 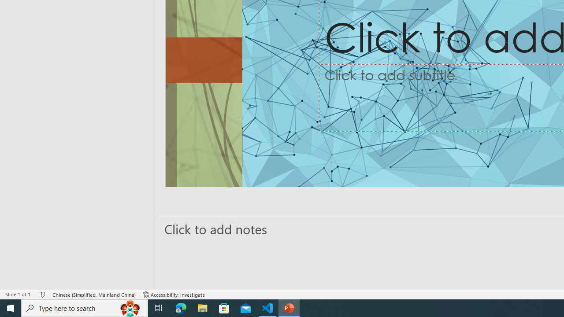 I want to click on 'Accessibility Checker Accessibility: Investigate', so click(x=174, y=295).